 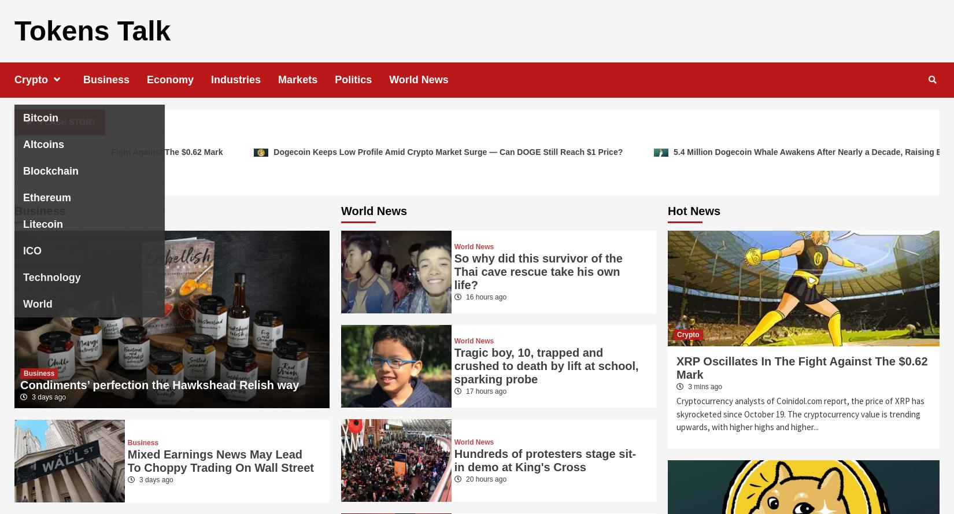 I want to click on '16 hours ago', so click(x=485, y=297).